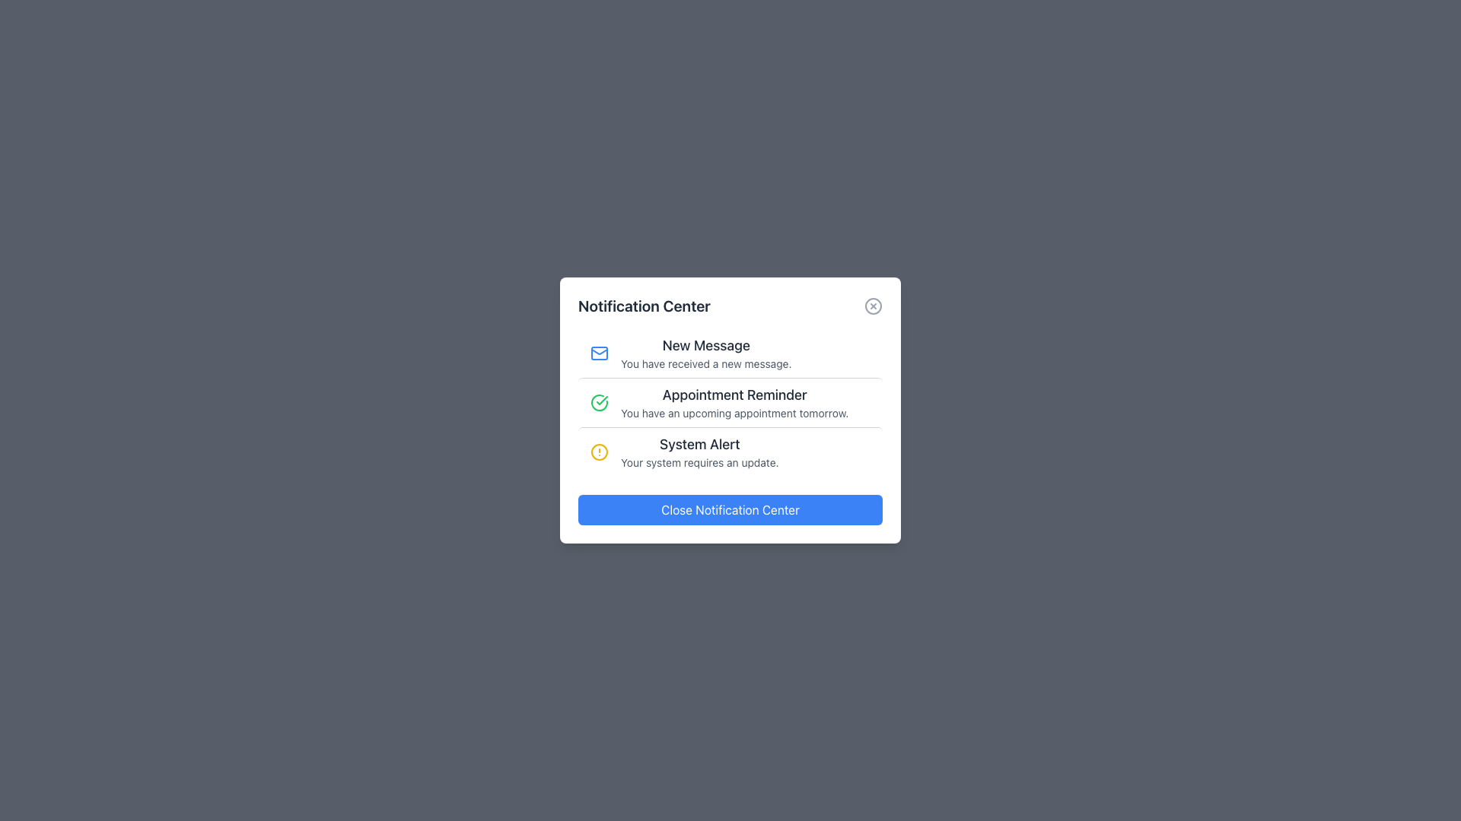  I want to click on the 'System Alert' icon located at the bottom of the notification list in the 'Notification Center' window by moving the cursor to its center point, so click(598, 451).